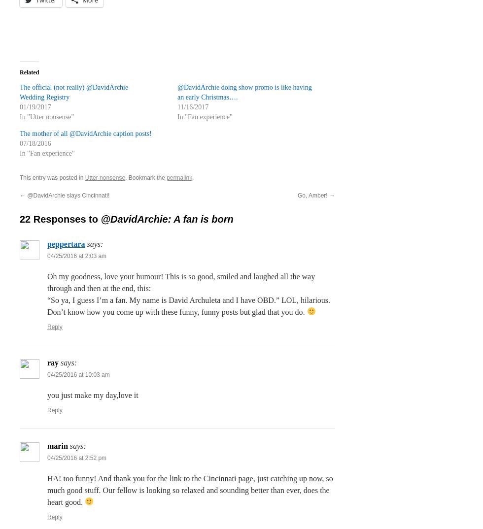 The width and height of the screenshot is (483, 529). I want to click on 'Don’t know how you come up with these funny, funny posts but glad that you do.', so click(47, 311).